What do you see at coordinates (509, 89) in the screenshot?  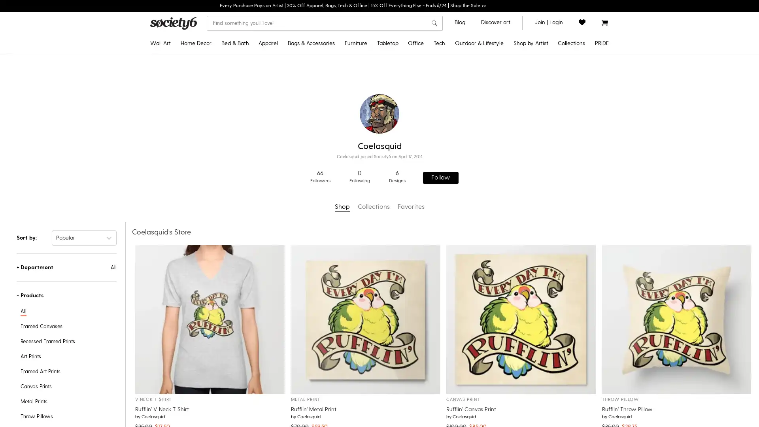 I see `Pixar` at bounding box center [509, 89].